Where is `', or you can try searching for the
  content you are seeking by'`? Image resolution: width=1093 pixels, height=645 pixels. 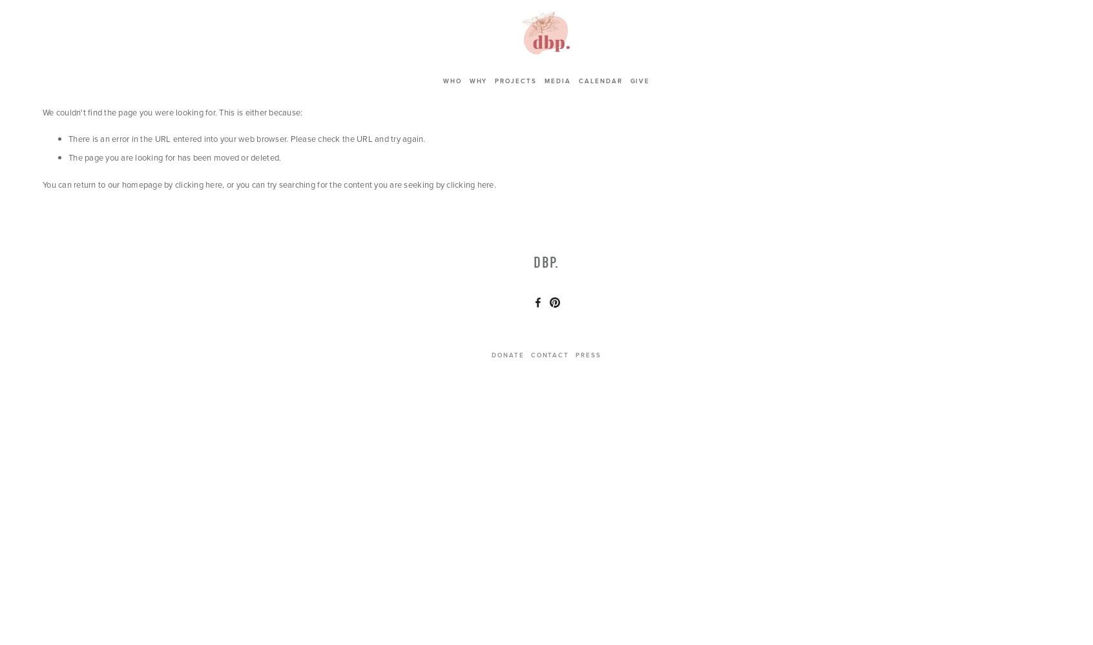 ', or you can try searching for the
  content you are seeking by' is located at coordinates (334, 184).